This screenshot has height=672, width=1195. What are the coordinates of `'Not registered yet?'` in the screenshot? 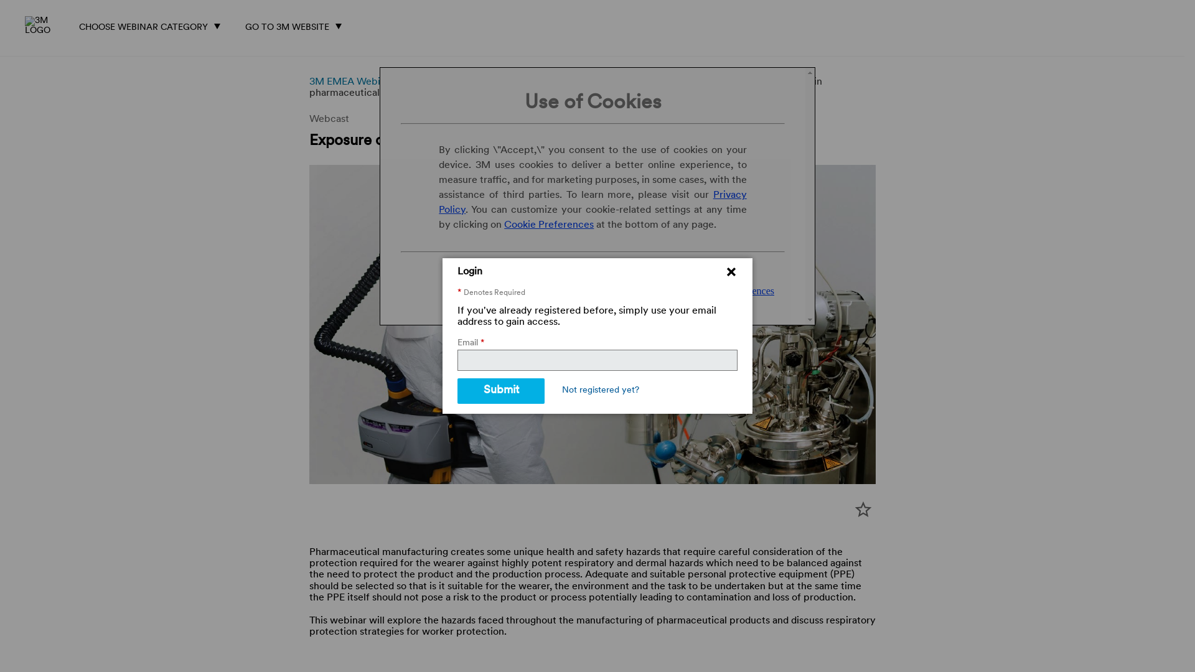 It's located at (600, 390).